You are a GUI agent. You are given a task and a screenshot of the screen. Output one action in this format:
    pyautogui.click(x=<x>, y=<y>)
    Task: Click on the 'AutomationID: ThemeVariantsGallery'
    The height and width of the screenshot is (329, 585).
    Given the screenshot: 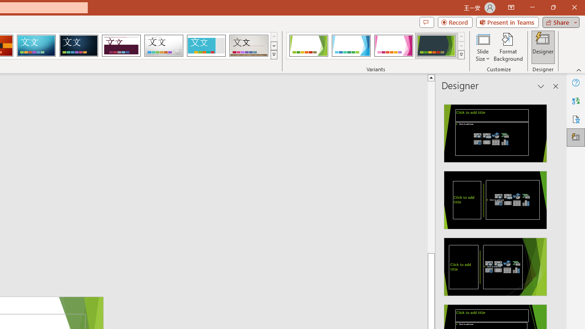 What is the action you would take?
    pyautogui.click(x=376, y=46)
    